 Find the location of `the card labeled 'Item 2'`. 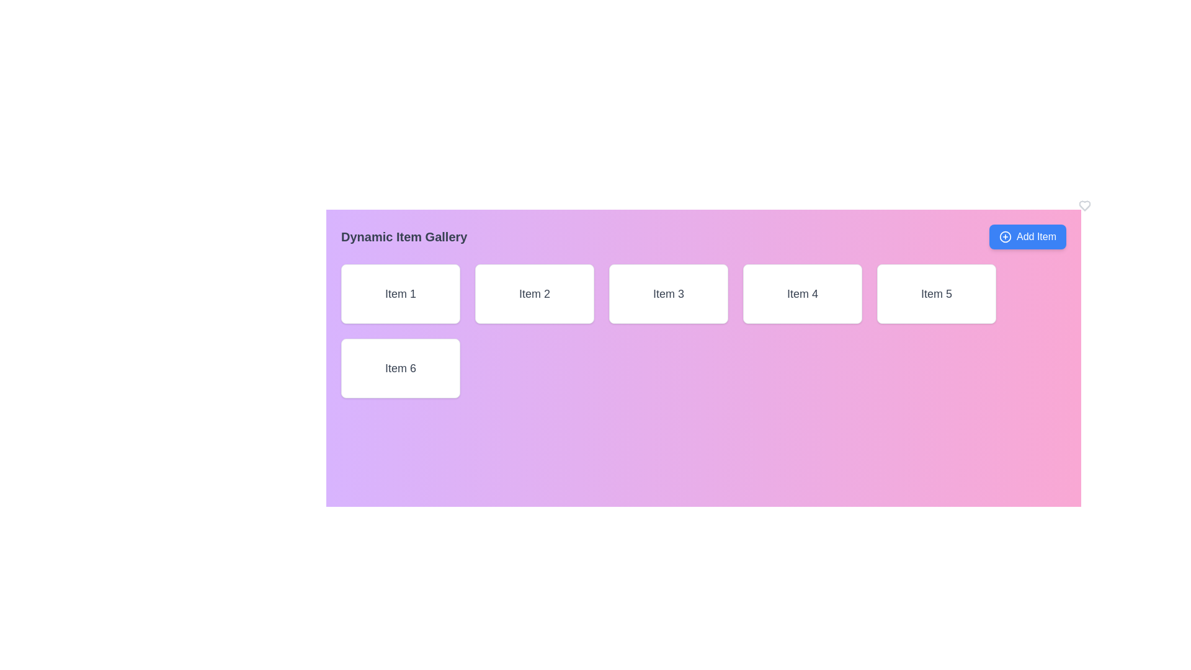

the card labeled 'Item 2' is located at coordinates (535, 294).